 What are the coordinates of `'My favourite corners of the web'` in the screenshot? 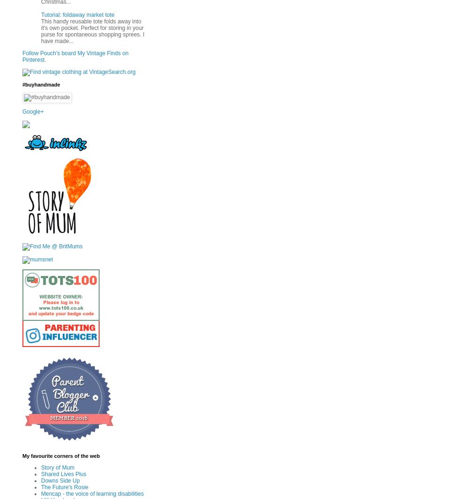 It's located at (60, 456).